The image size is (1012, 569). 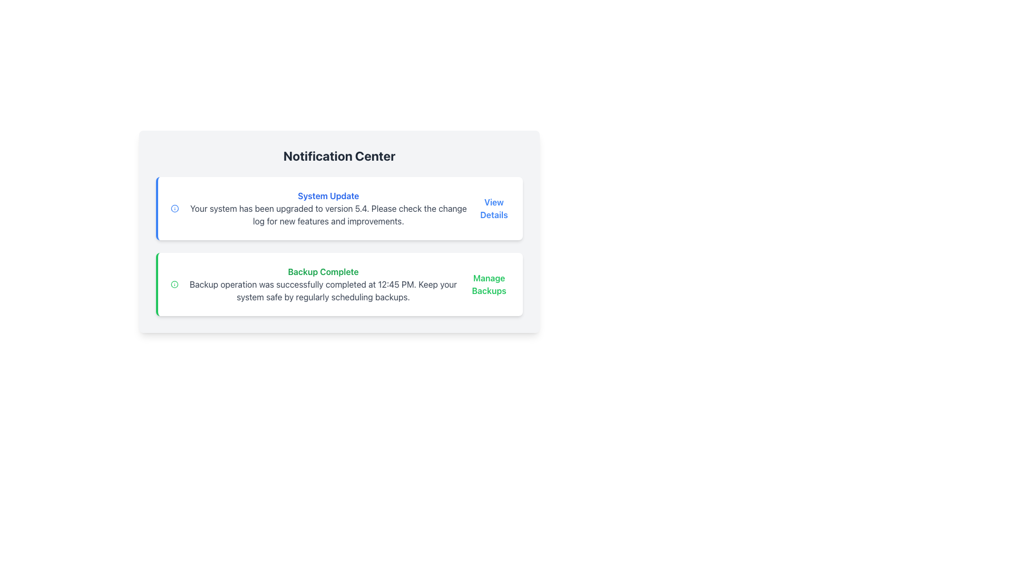 What do you see at coordinates (174, 284) in the screenshot?
I see `SVG Circle element within the 'Backup Complete' notification card by triggering the developer tools` at bounding box center [174, 284].